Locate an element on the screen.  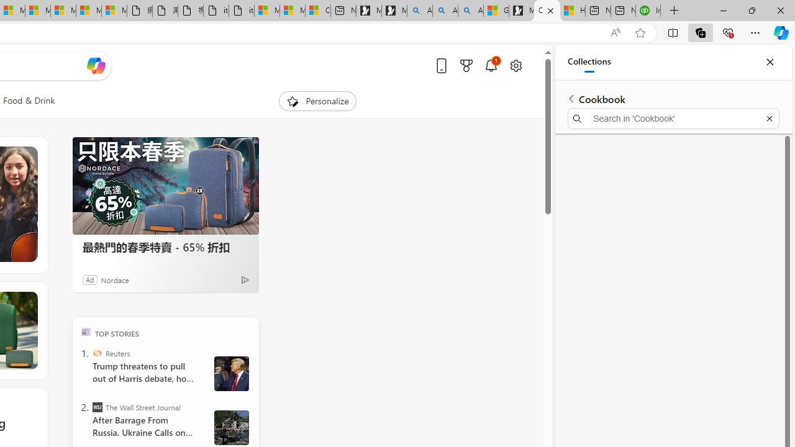
'The Wall Street Journal' is located at coordinates (96, 407).